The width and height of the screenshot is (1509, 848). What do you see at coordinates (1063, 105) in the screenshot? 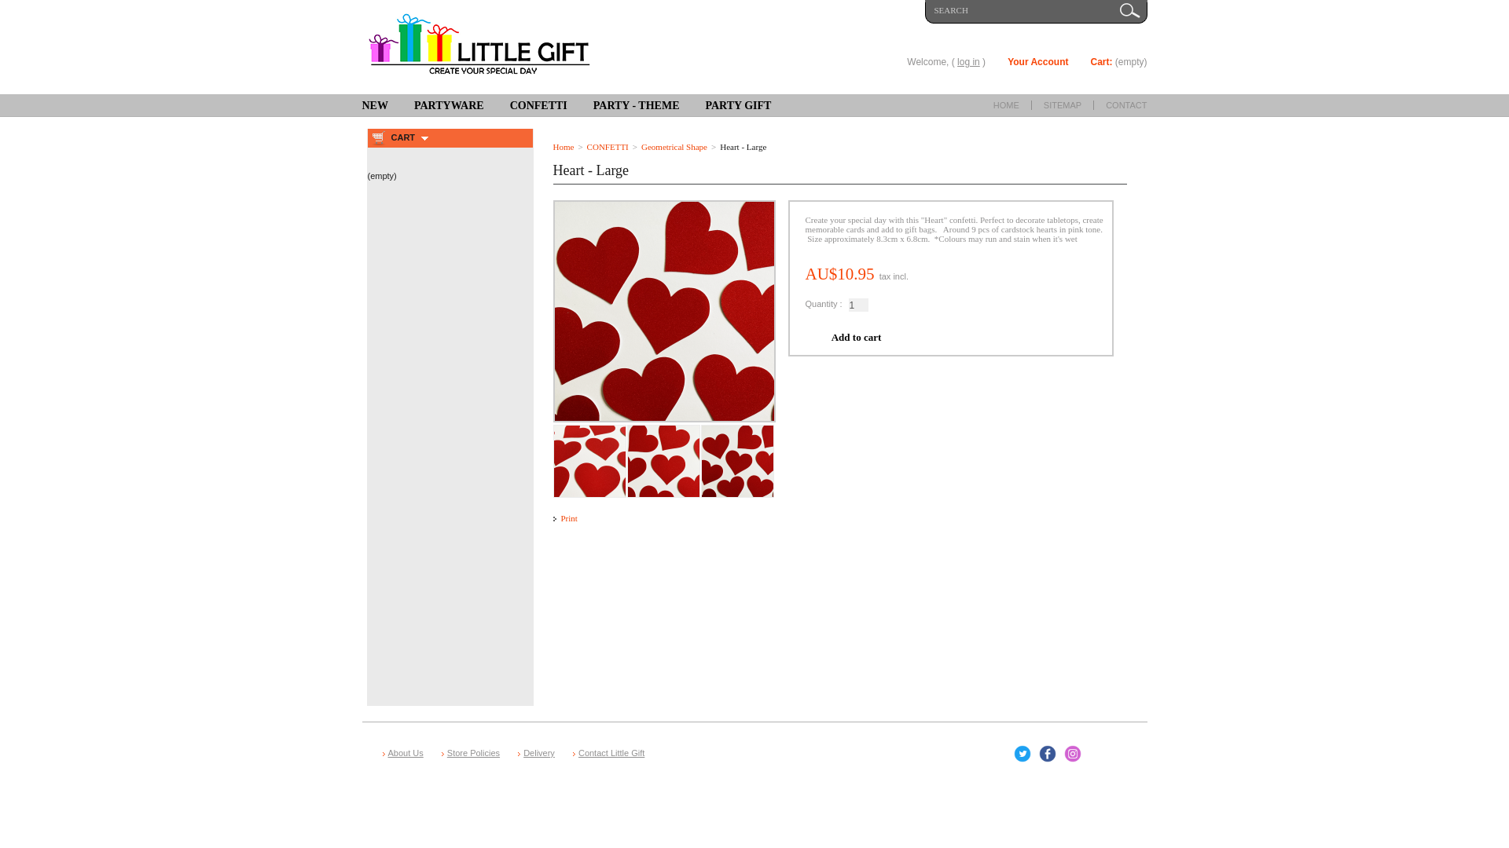
I see `'SITEMAP'` at bounding box center [1063, 105].